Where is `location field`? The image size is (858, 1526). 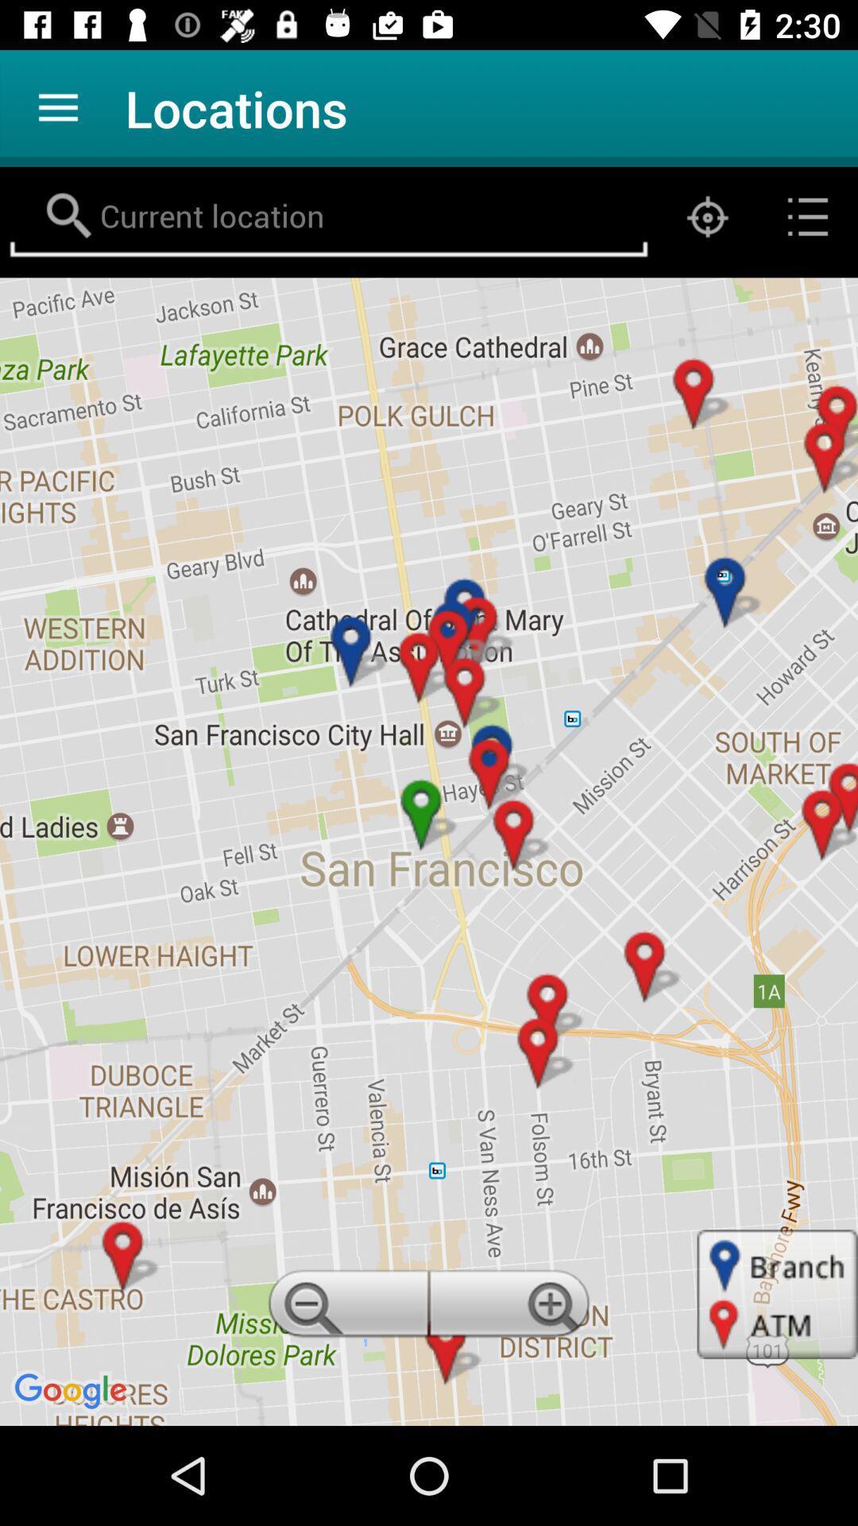 location field is located at coordinates (327, 216).